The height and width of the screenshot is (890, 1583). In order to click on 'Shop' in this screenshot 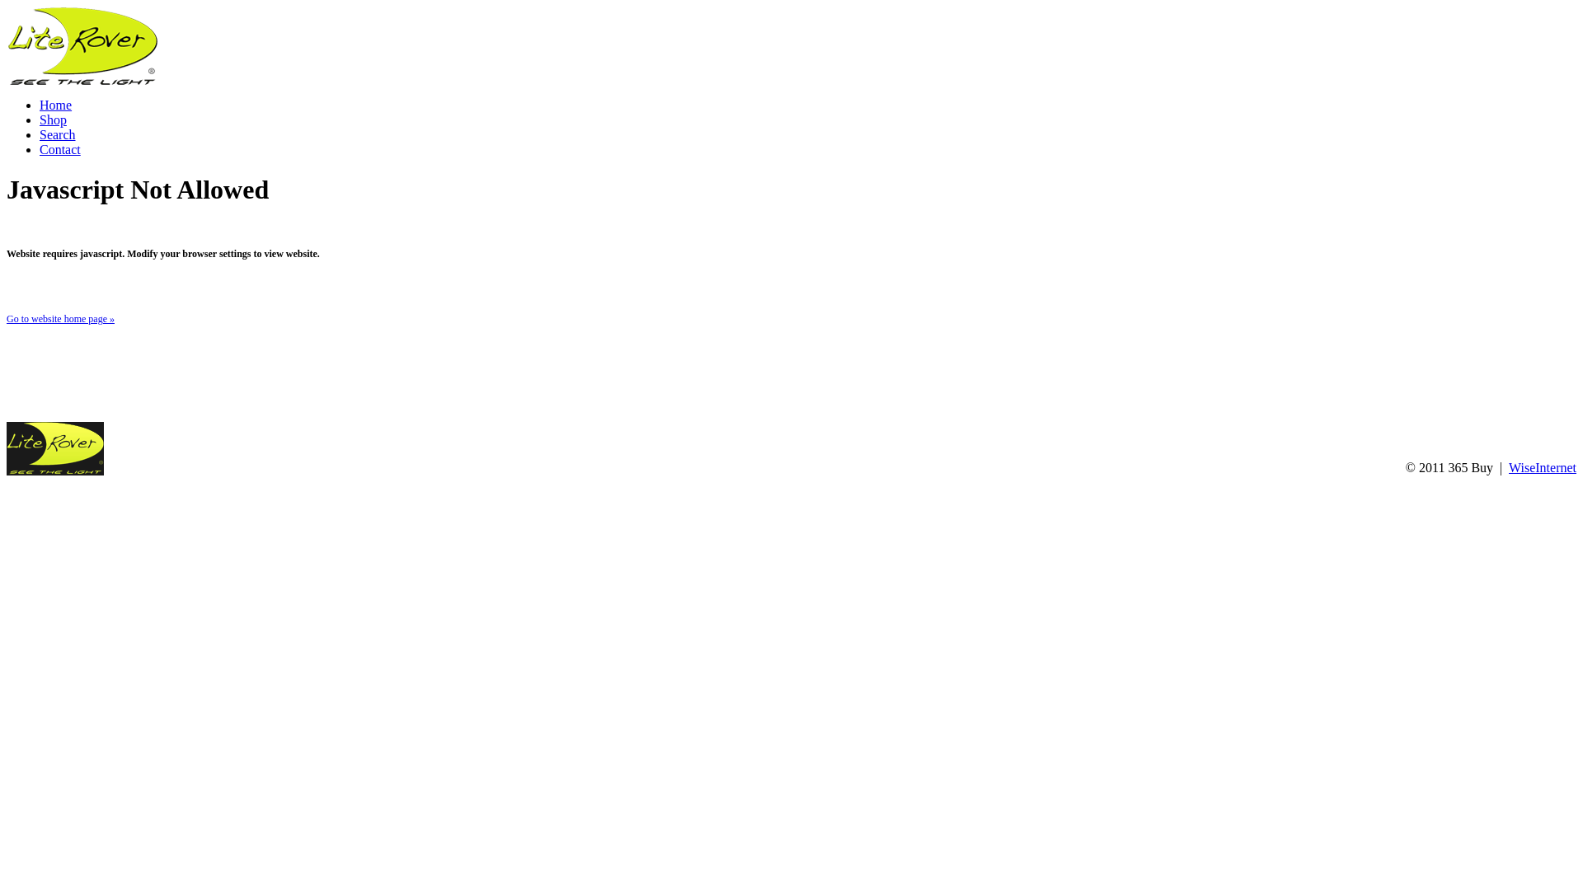, I will do `click(53, 119)`.